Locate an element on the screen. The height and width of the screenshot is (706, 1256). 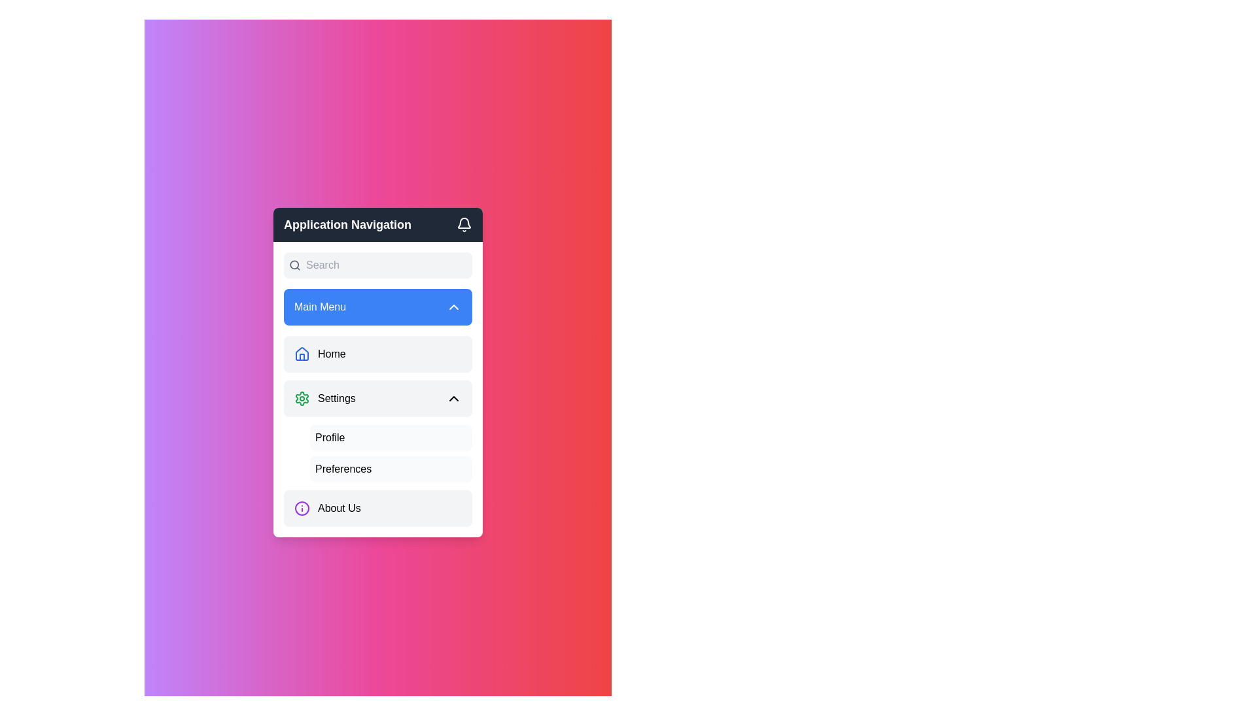
the Menu Section located within the 'Application Navigation' menu, positioned below the search bar is located at coordinates (377, 389).